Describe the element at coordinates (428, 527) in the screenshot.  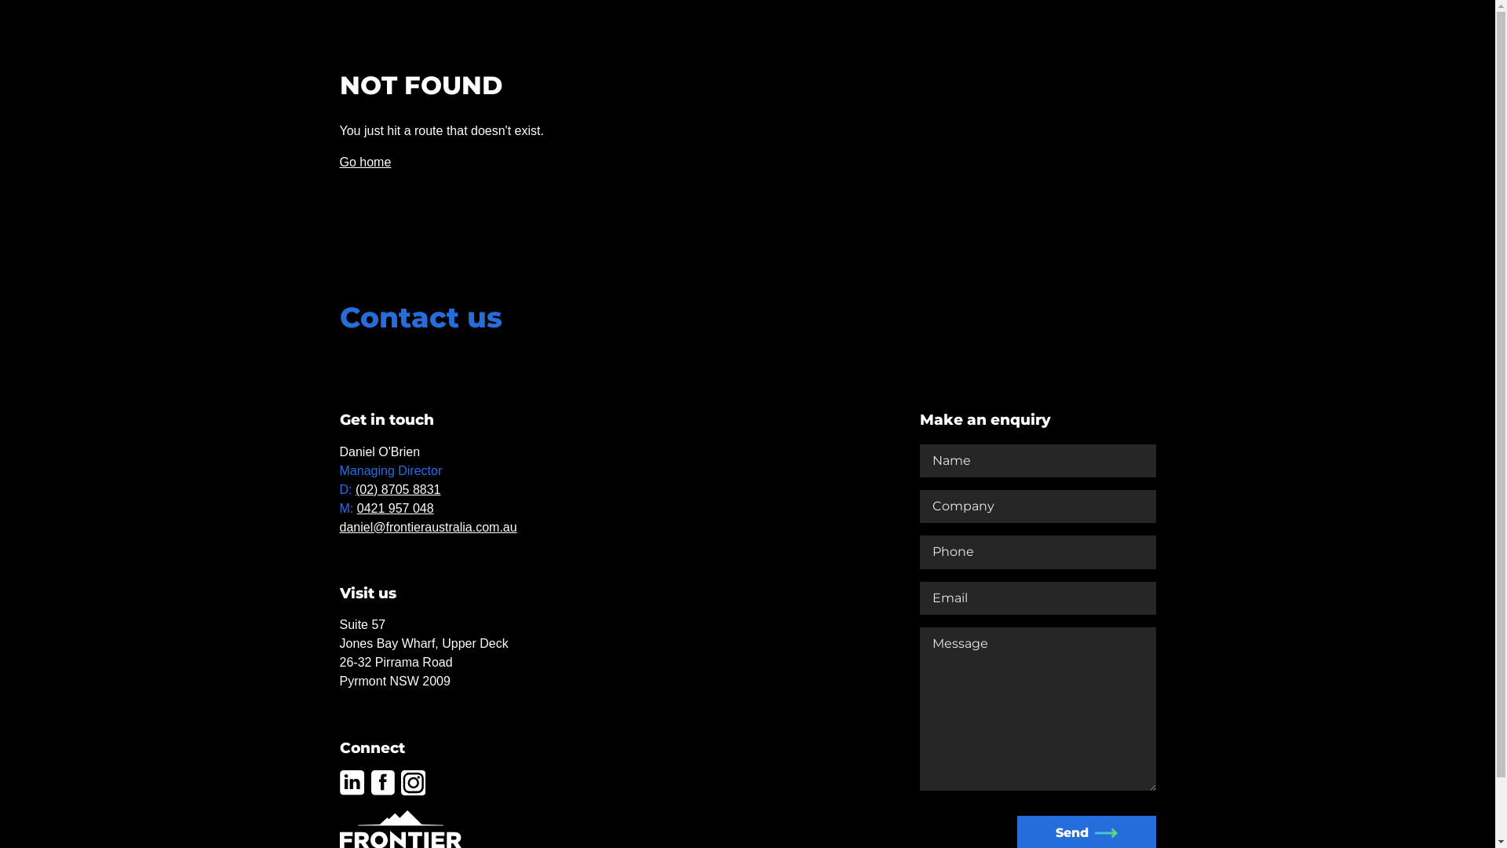
I see `'daniel@frontieraustralia.com.au'` at that location.